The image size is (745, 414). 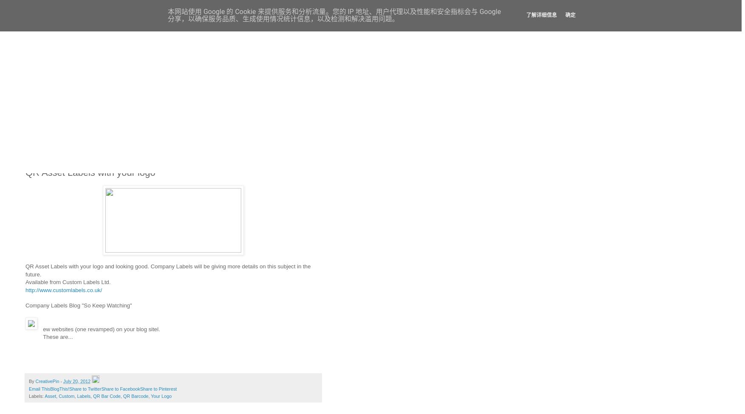 What do you see at coordinates (37, 395) in the screenshot?
I see `'Labels:'` at bounding box center [37, 395].